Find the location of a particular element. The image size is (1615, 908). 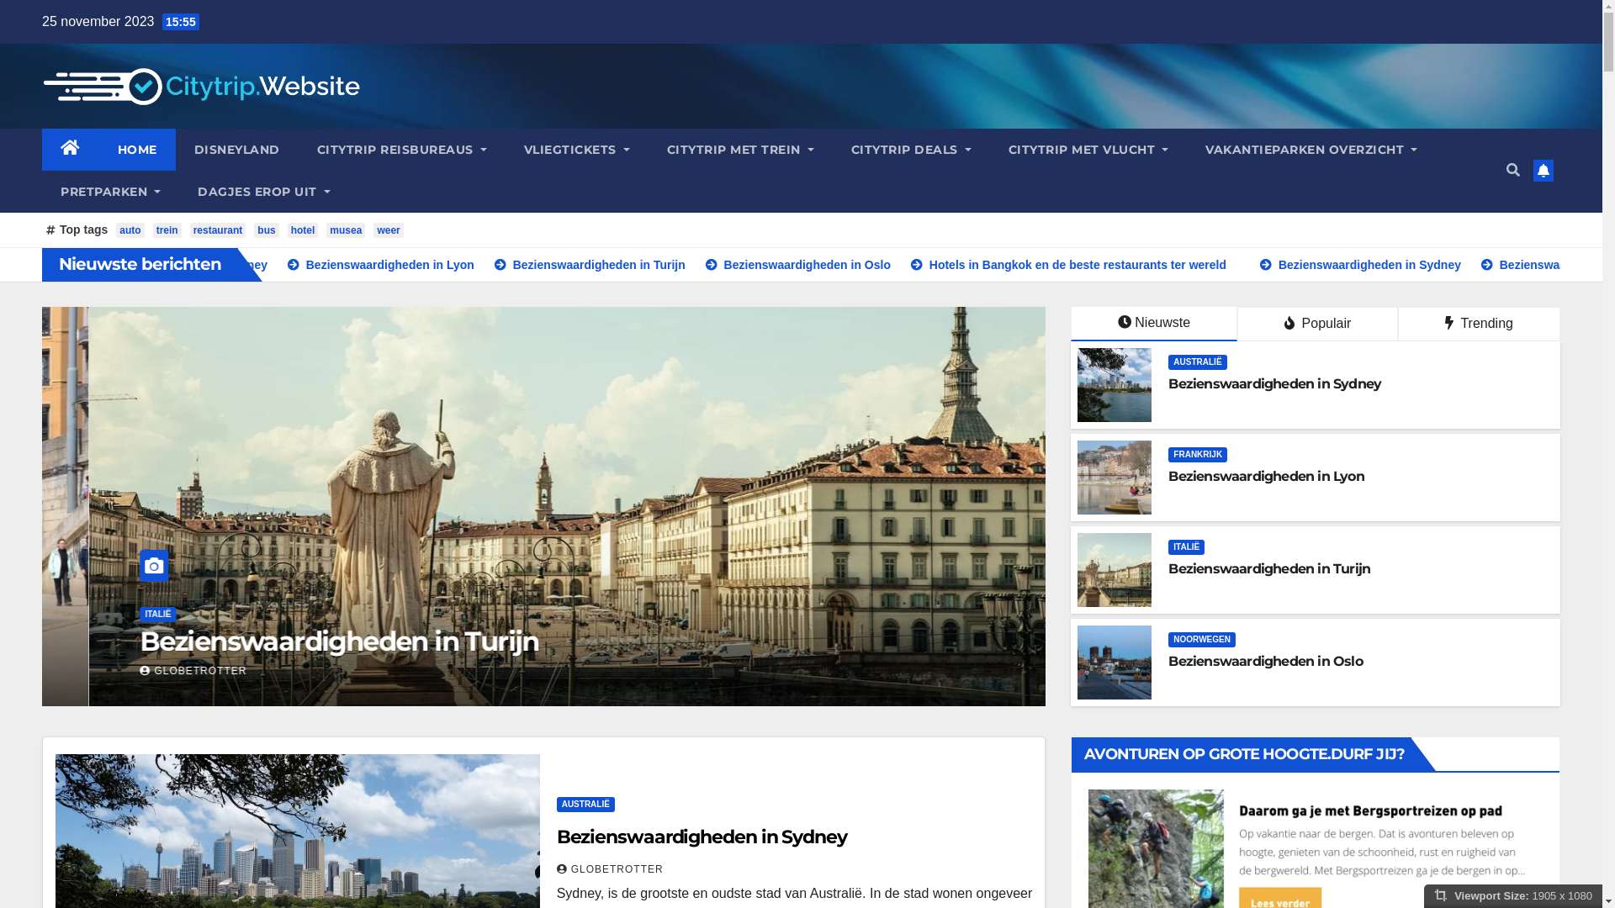

'bus' is located at coordinates (265, 230).